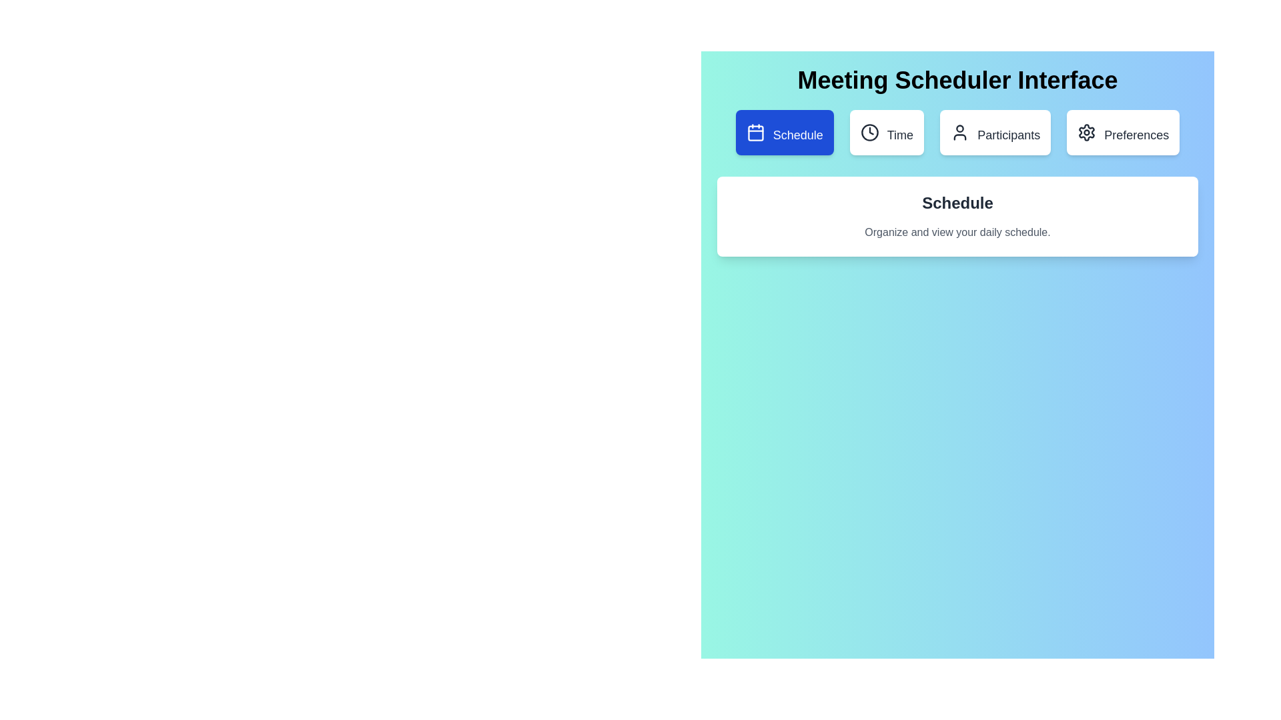 The image size is (1281, 720). I want to click on the person-shaped icon located within the 'Participants' button, which is the third button in a horizontal row of four buttons at the top of the interface, so click(959, 133).